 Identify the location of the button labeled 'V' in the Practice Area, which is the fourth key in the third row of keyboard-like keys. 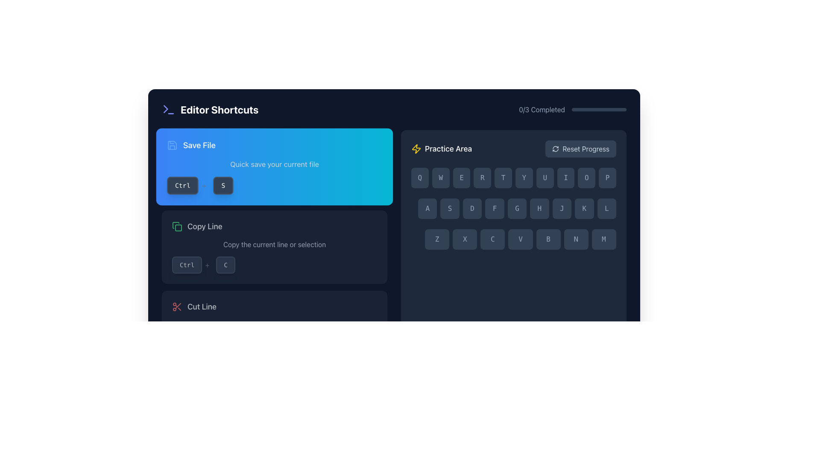
(520, 239).